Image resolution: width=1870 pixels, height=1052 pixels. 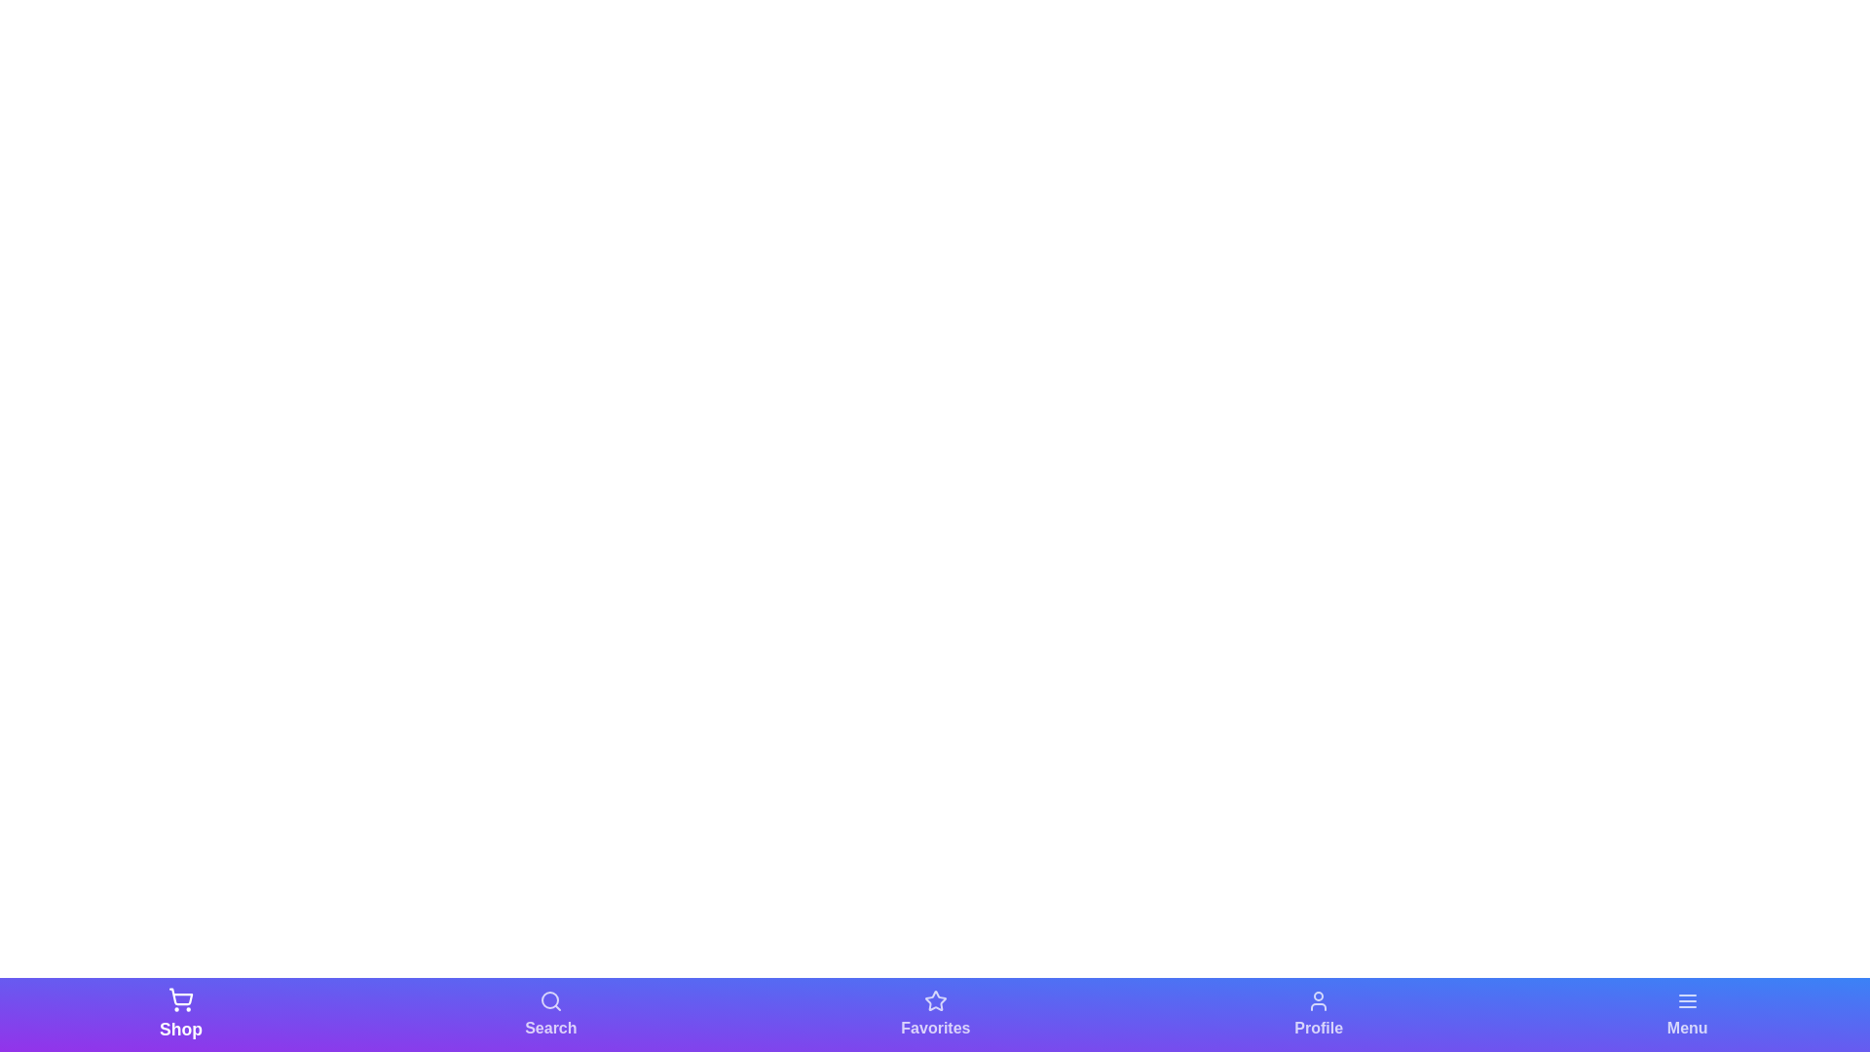 What do you see at coordinates (549, 1013) in the screenshot?
I see `the navigation bar icon corresponding to Search` at bounding box center [549, 1013].